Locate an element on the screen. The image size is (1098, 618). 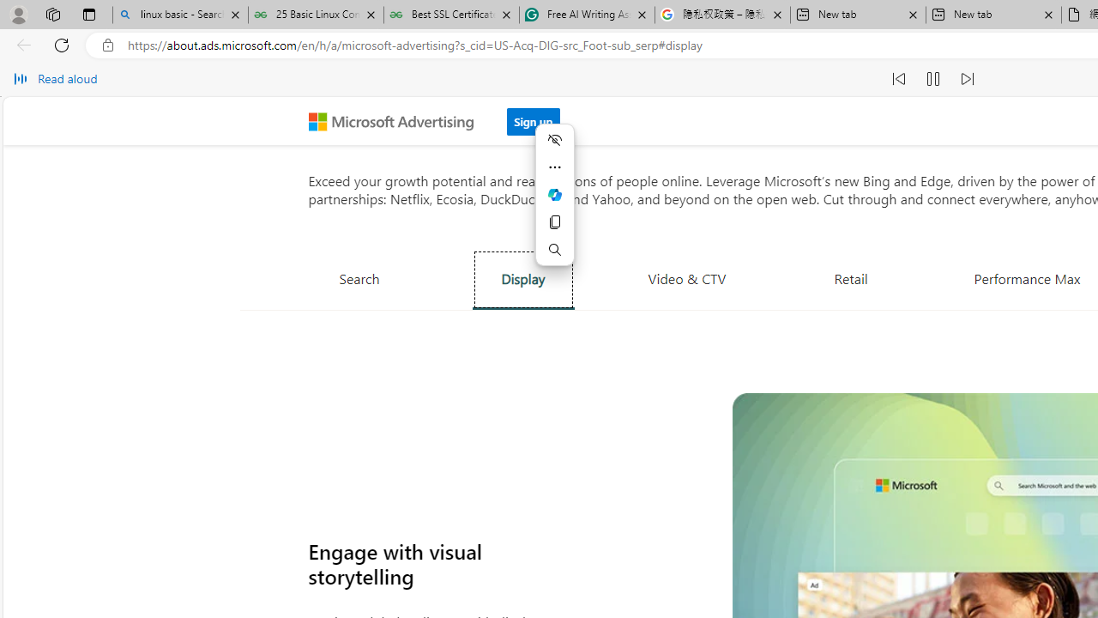
'Microsoft Advertising' is located at coordinates (397, 119).